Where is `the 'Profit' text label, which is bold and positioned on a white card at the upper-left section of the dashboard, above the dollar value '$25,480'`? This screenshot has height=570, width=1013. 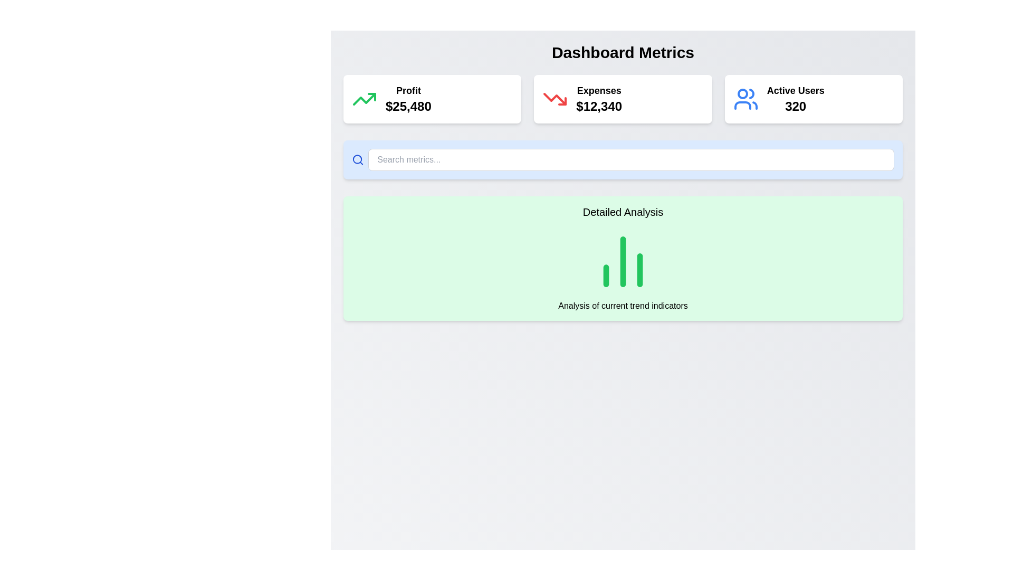 the 'Profit' text label, which is bold and positioned on a white card at the upper-left section of the dashboard, above the dollar value '$25,480' is located at coordinates (408, 90).